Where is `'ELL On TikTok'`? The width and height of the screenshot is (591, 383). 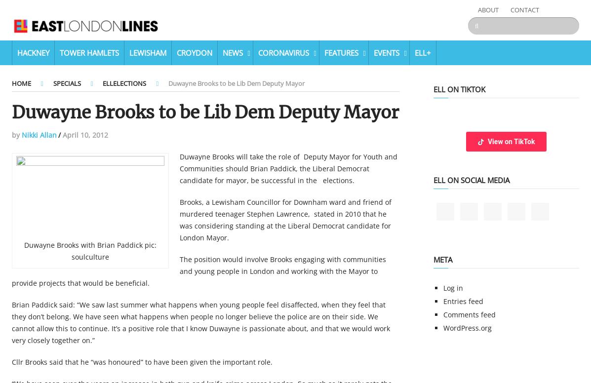 'ELL On TikTok' is located at coordinates (433, 88).